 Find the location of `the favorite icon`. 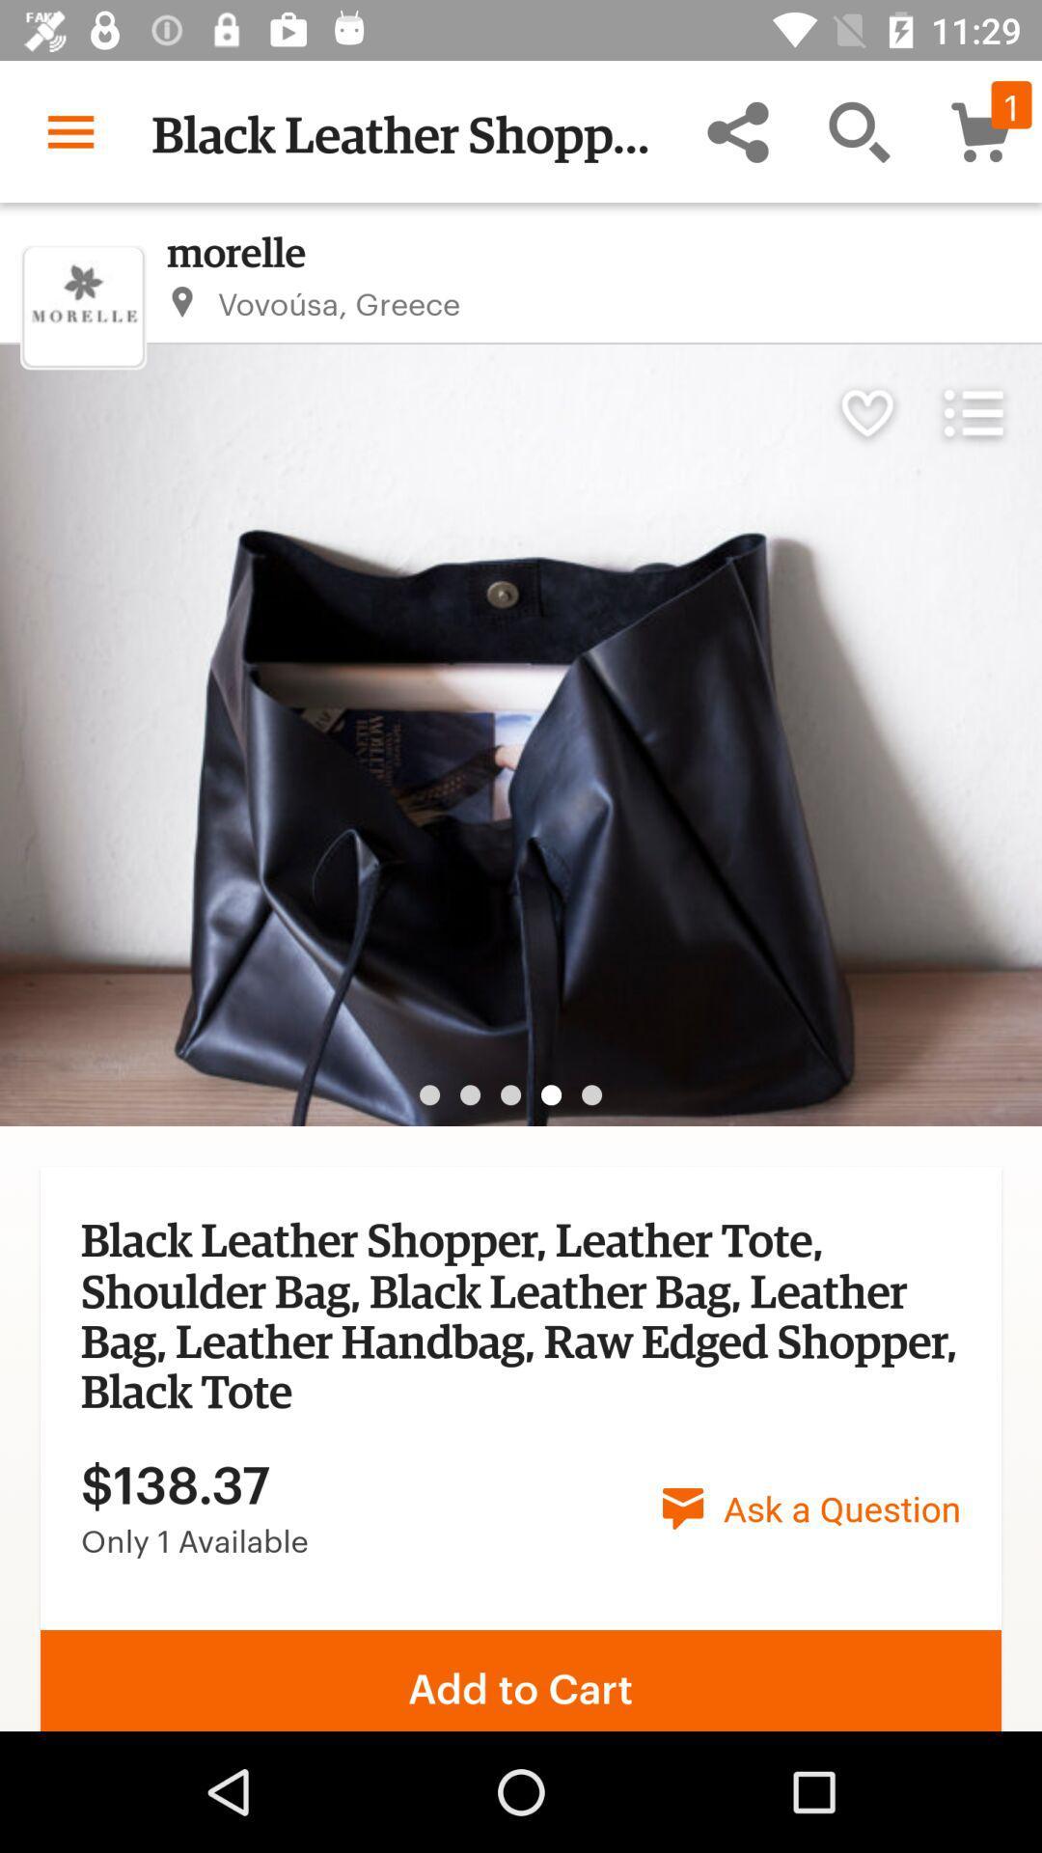

the favorite icon is located at coordinates (865, 411).